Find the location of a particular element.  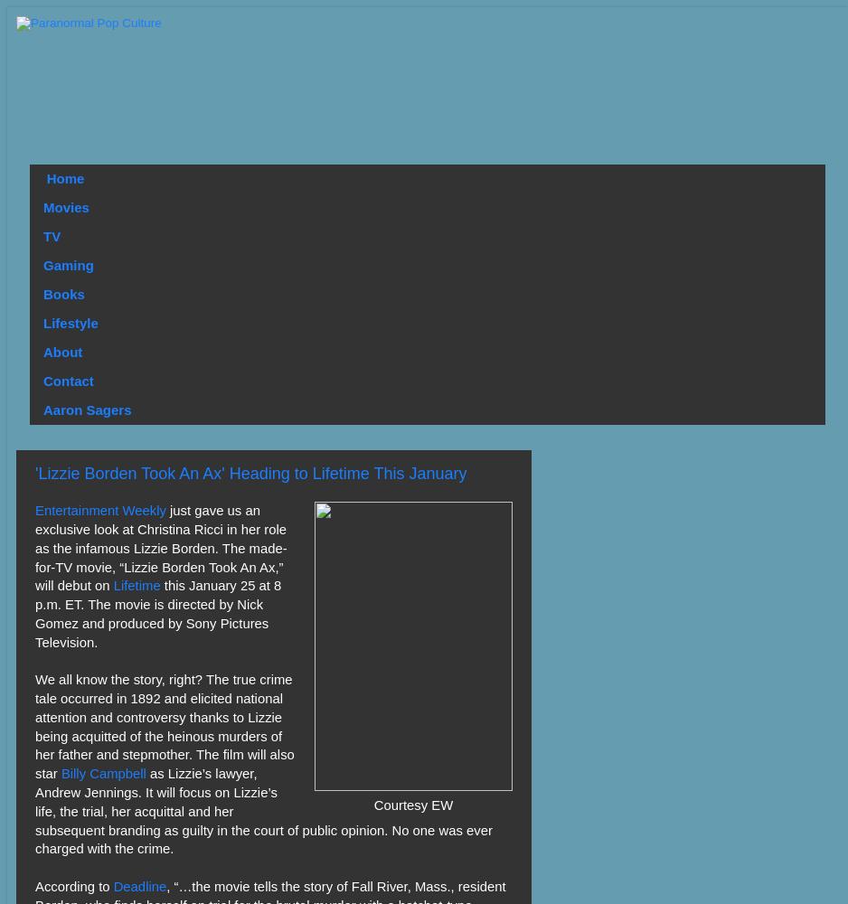

'this January 25 at 8 p.m. ET.  The movie is directed by Nick Gomez and produced by Sony Pictures Television.' is located at coordinates (157, 614).